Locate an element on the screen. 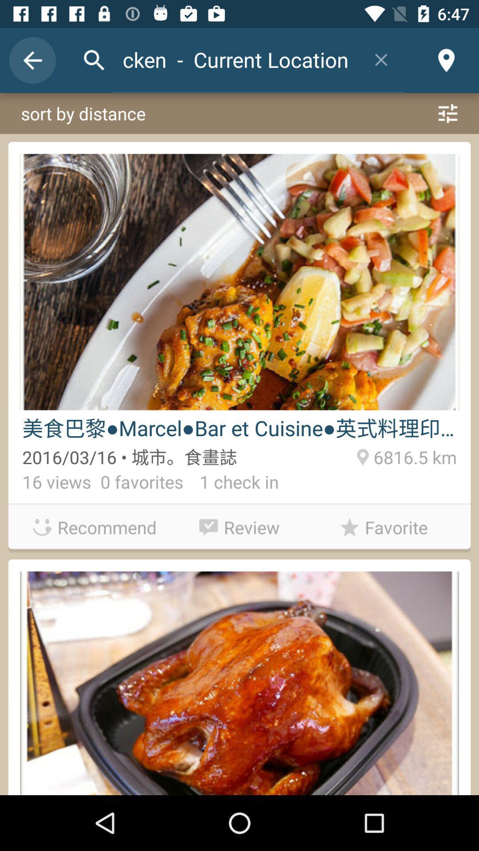 The width and height of the screenshot is (479, 851). item to the right of the recommend item is located at coordinates (239, 525).